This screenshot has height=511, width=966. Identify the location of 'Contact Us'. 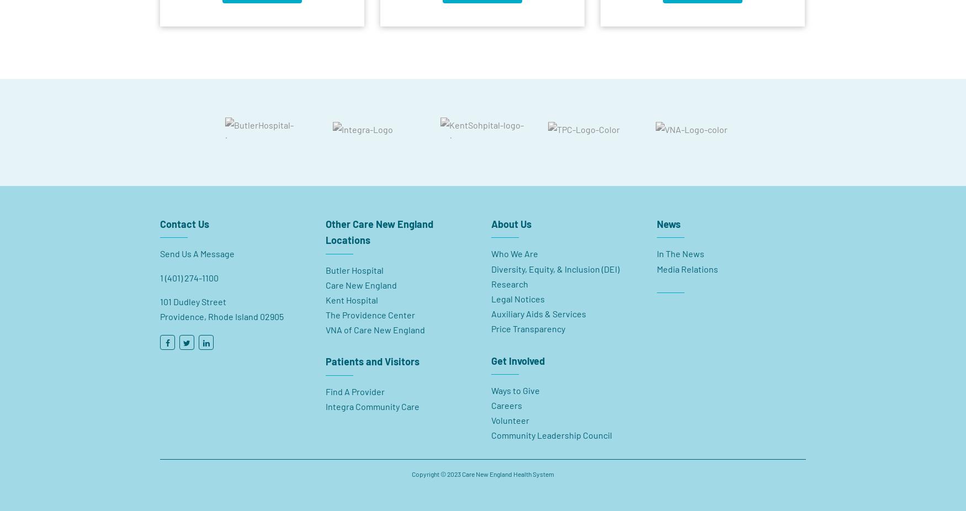
(184, 219).